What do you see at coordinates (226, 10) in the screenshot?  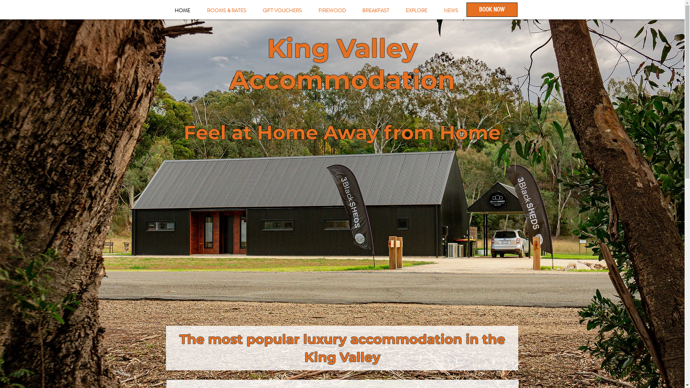 I see `'ROOMS & RATES'` at bounding box center [226, 10].